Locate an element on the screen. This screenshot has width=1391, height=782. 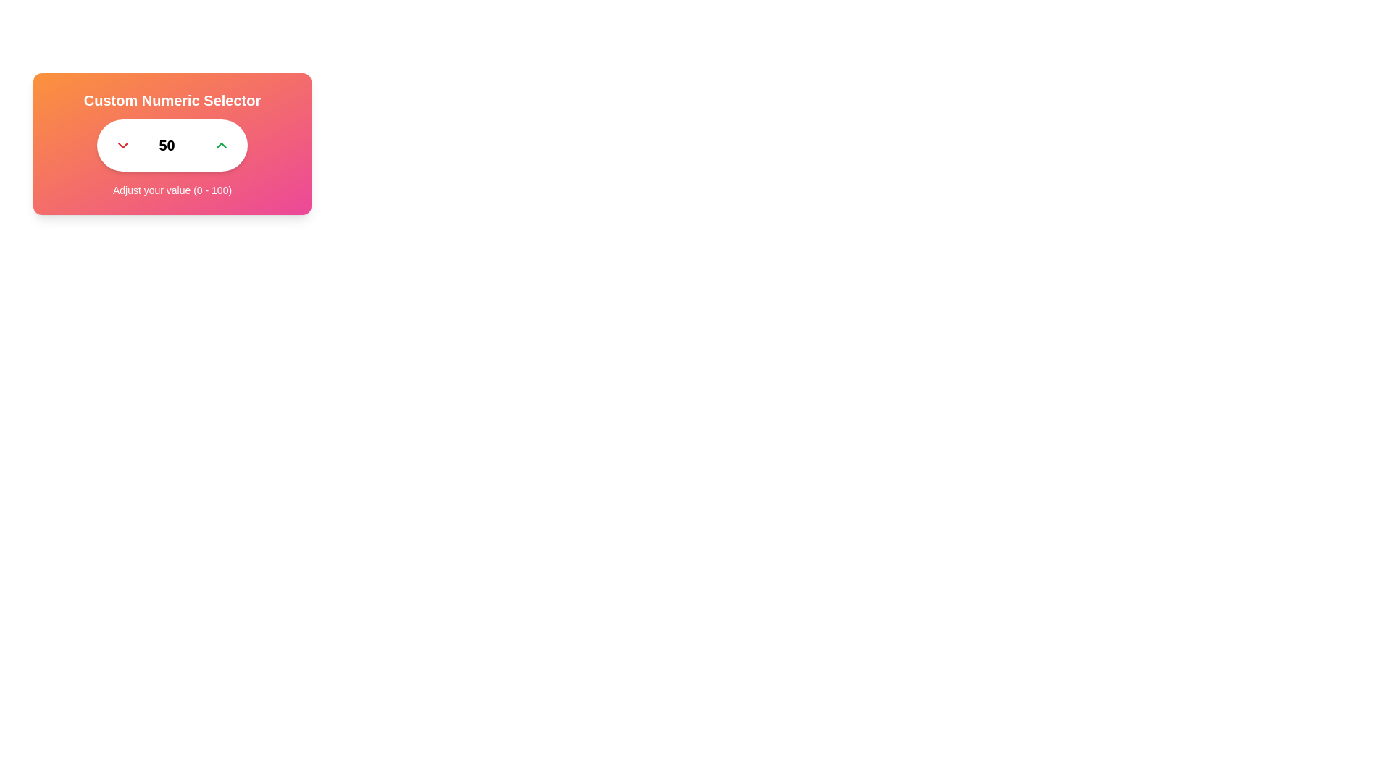
the upward-pointing green chevron arrow located on the right side of the number input component to increment the displayed value is located at coordinates (221, 145).